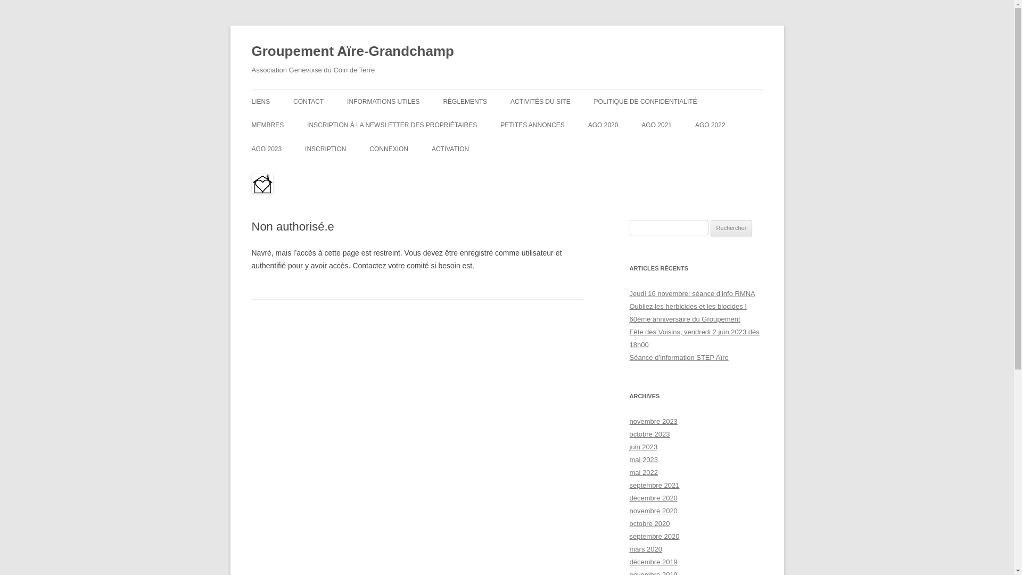 The width and height of the screenshot is (1022, 575). What do you see at coordinates (383, 102) in the screenshot?
I see `'INFORMATIONS UTILES'` at bounding box center [383, 102].